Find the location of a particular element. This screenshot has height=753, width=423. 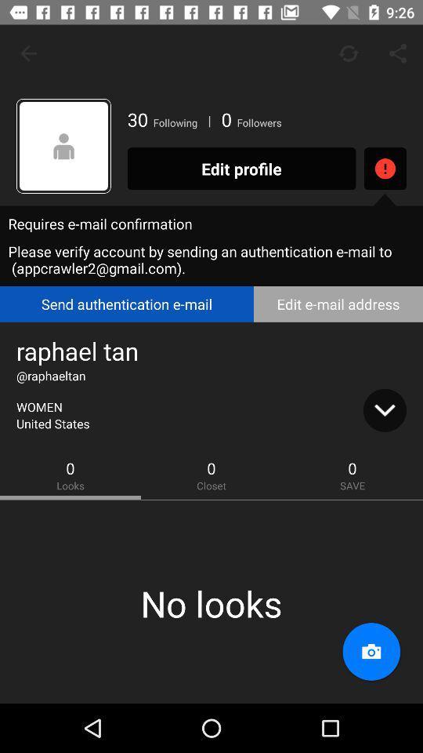

profile picture is located at coordinates (63, 146).